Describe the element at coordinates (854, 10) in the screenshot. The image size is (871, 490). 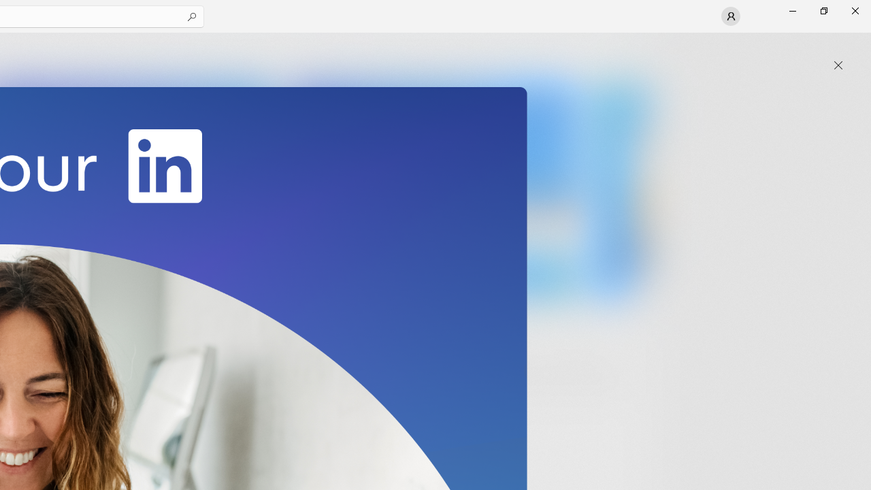
I see `'Close Microsoft Store'` at that location.